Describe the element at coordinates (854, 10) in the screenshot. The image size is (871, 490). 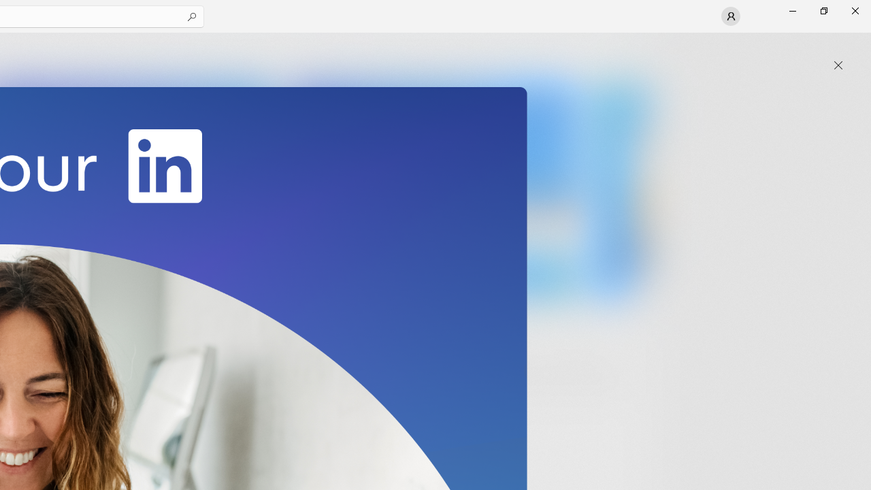
I see `'Close Microsoft Store'` at that location.